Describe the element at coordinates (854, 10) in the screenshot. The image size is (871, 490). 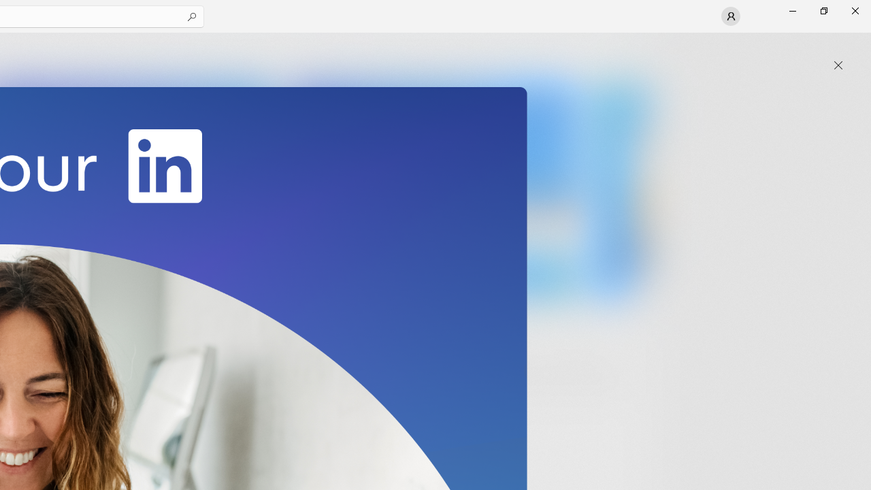
I see `'Close Microsoft Store'` at that location.